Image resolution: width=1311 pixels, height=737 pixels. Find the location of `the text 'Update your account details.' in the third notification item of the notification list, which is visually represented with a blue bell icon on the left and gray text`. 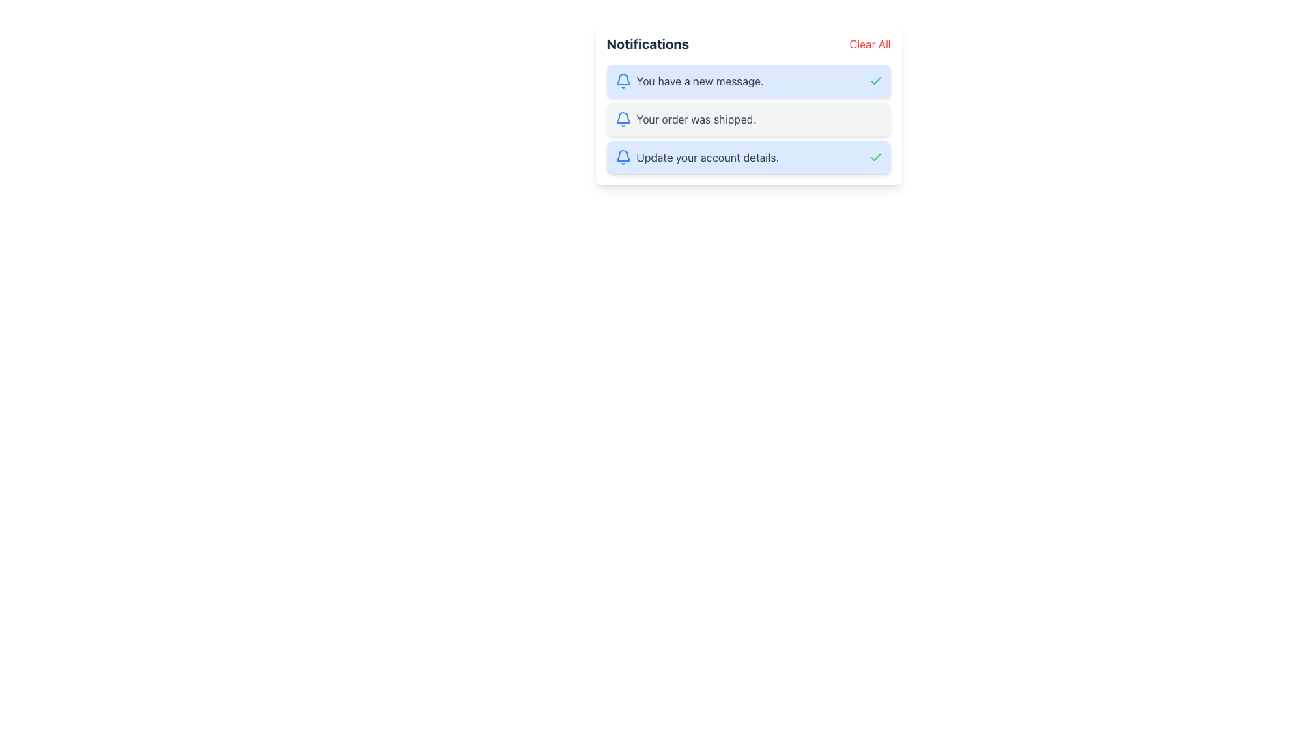

the text 'Update your account details.' in the third notification item of the notification list, which is visually represented with a blue bell icon on the left and gray text is located at coordinates (696, 157).